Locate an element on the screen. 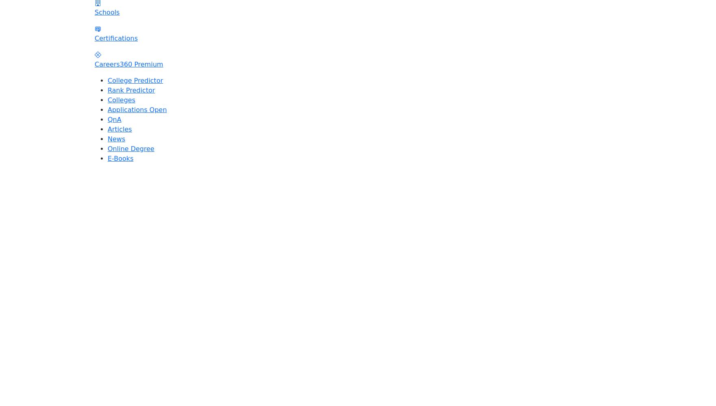 The width and height of the screenshot is (716, 406). 'Applications Open' is located at coordinates (137, 109).